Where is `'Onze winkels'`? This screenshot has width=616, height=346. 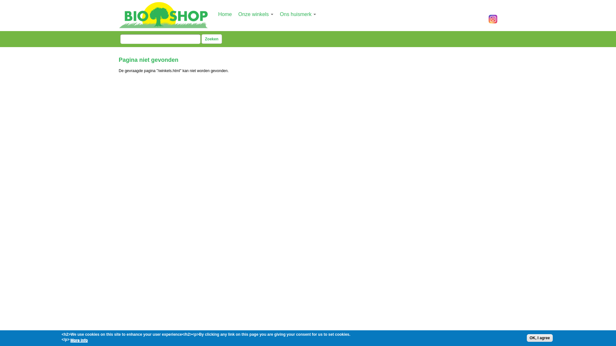 'Onze winkels' is located at coordinates (255, 14).